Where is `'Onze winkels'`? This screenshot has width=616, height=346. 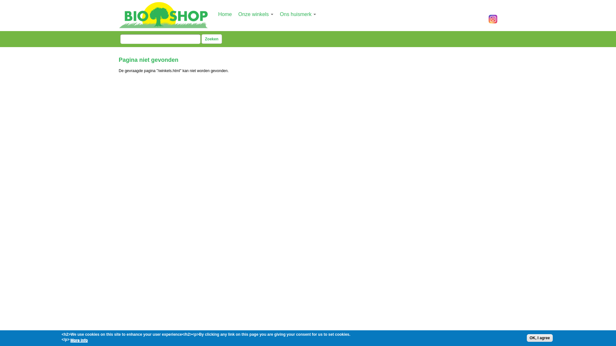 'Onze winkels' is located at coordinates (255, 14).